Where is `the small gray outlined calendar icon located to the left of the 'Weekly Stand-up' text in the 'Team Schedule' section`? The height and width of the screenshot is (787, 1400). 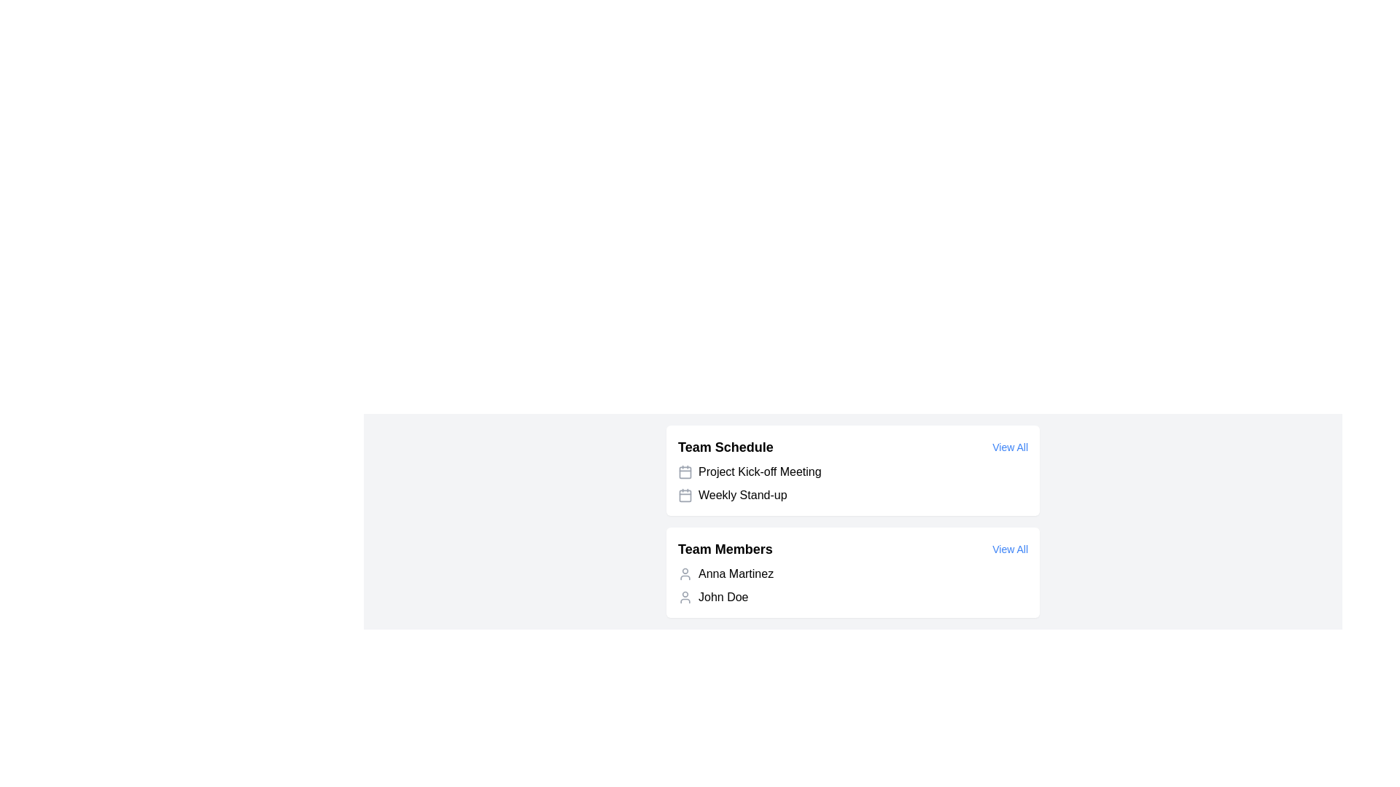 the small gray outlined calendar icon located to the left of the 'Weekly Stand-up' text in the 'Team Schedule' section is located at coordinates (685, 494).